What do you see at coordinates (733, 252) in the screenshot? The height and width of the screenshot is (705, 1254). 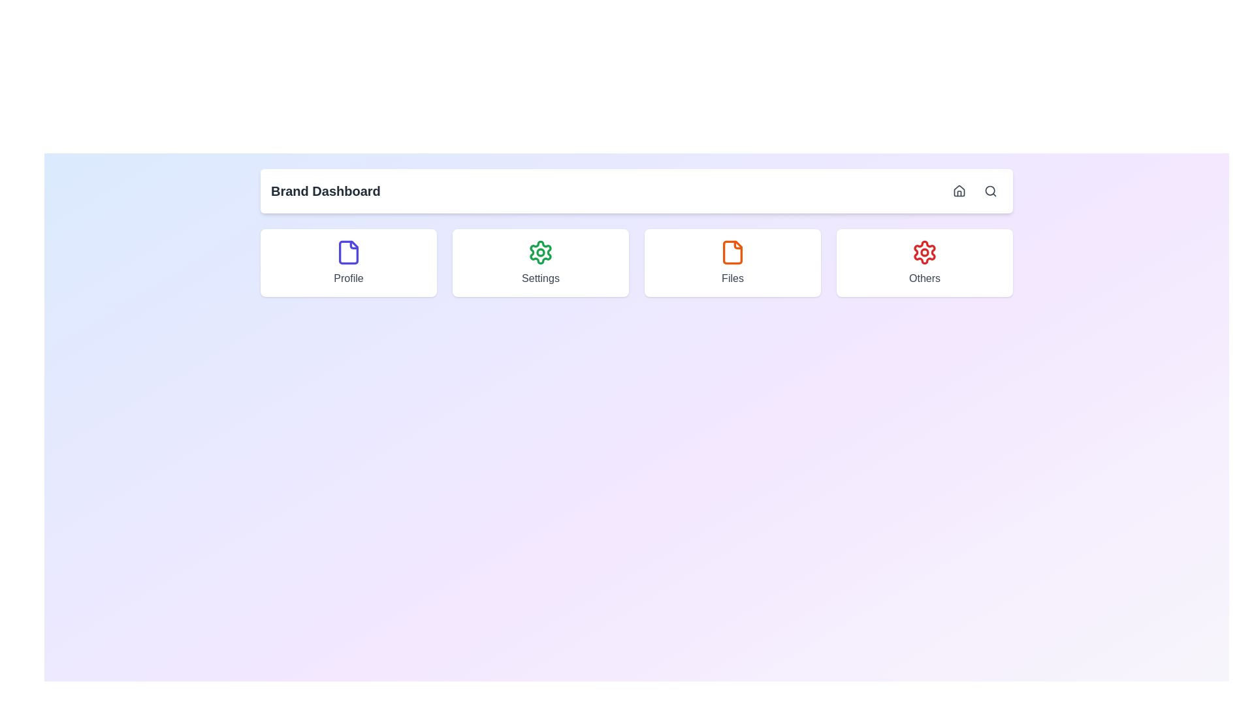 I see `the 'Files' icon located at the top center of the third card in a row of four, positioned under the search bar` at bounding box center [733, 252].